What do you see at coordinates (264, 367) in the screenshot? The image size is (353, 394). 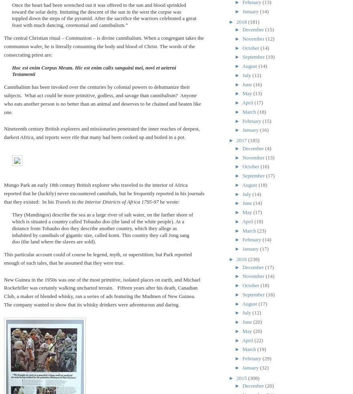 I see `'(32)'` at bounding box center [264, 367].